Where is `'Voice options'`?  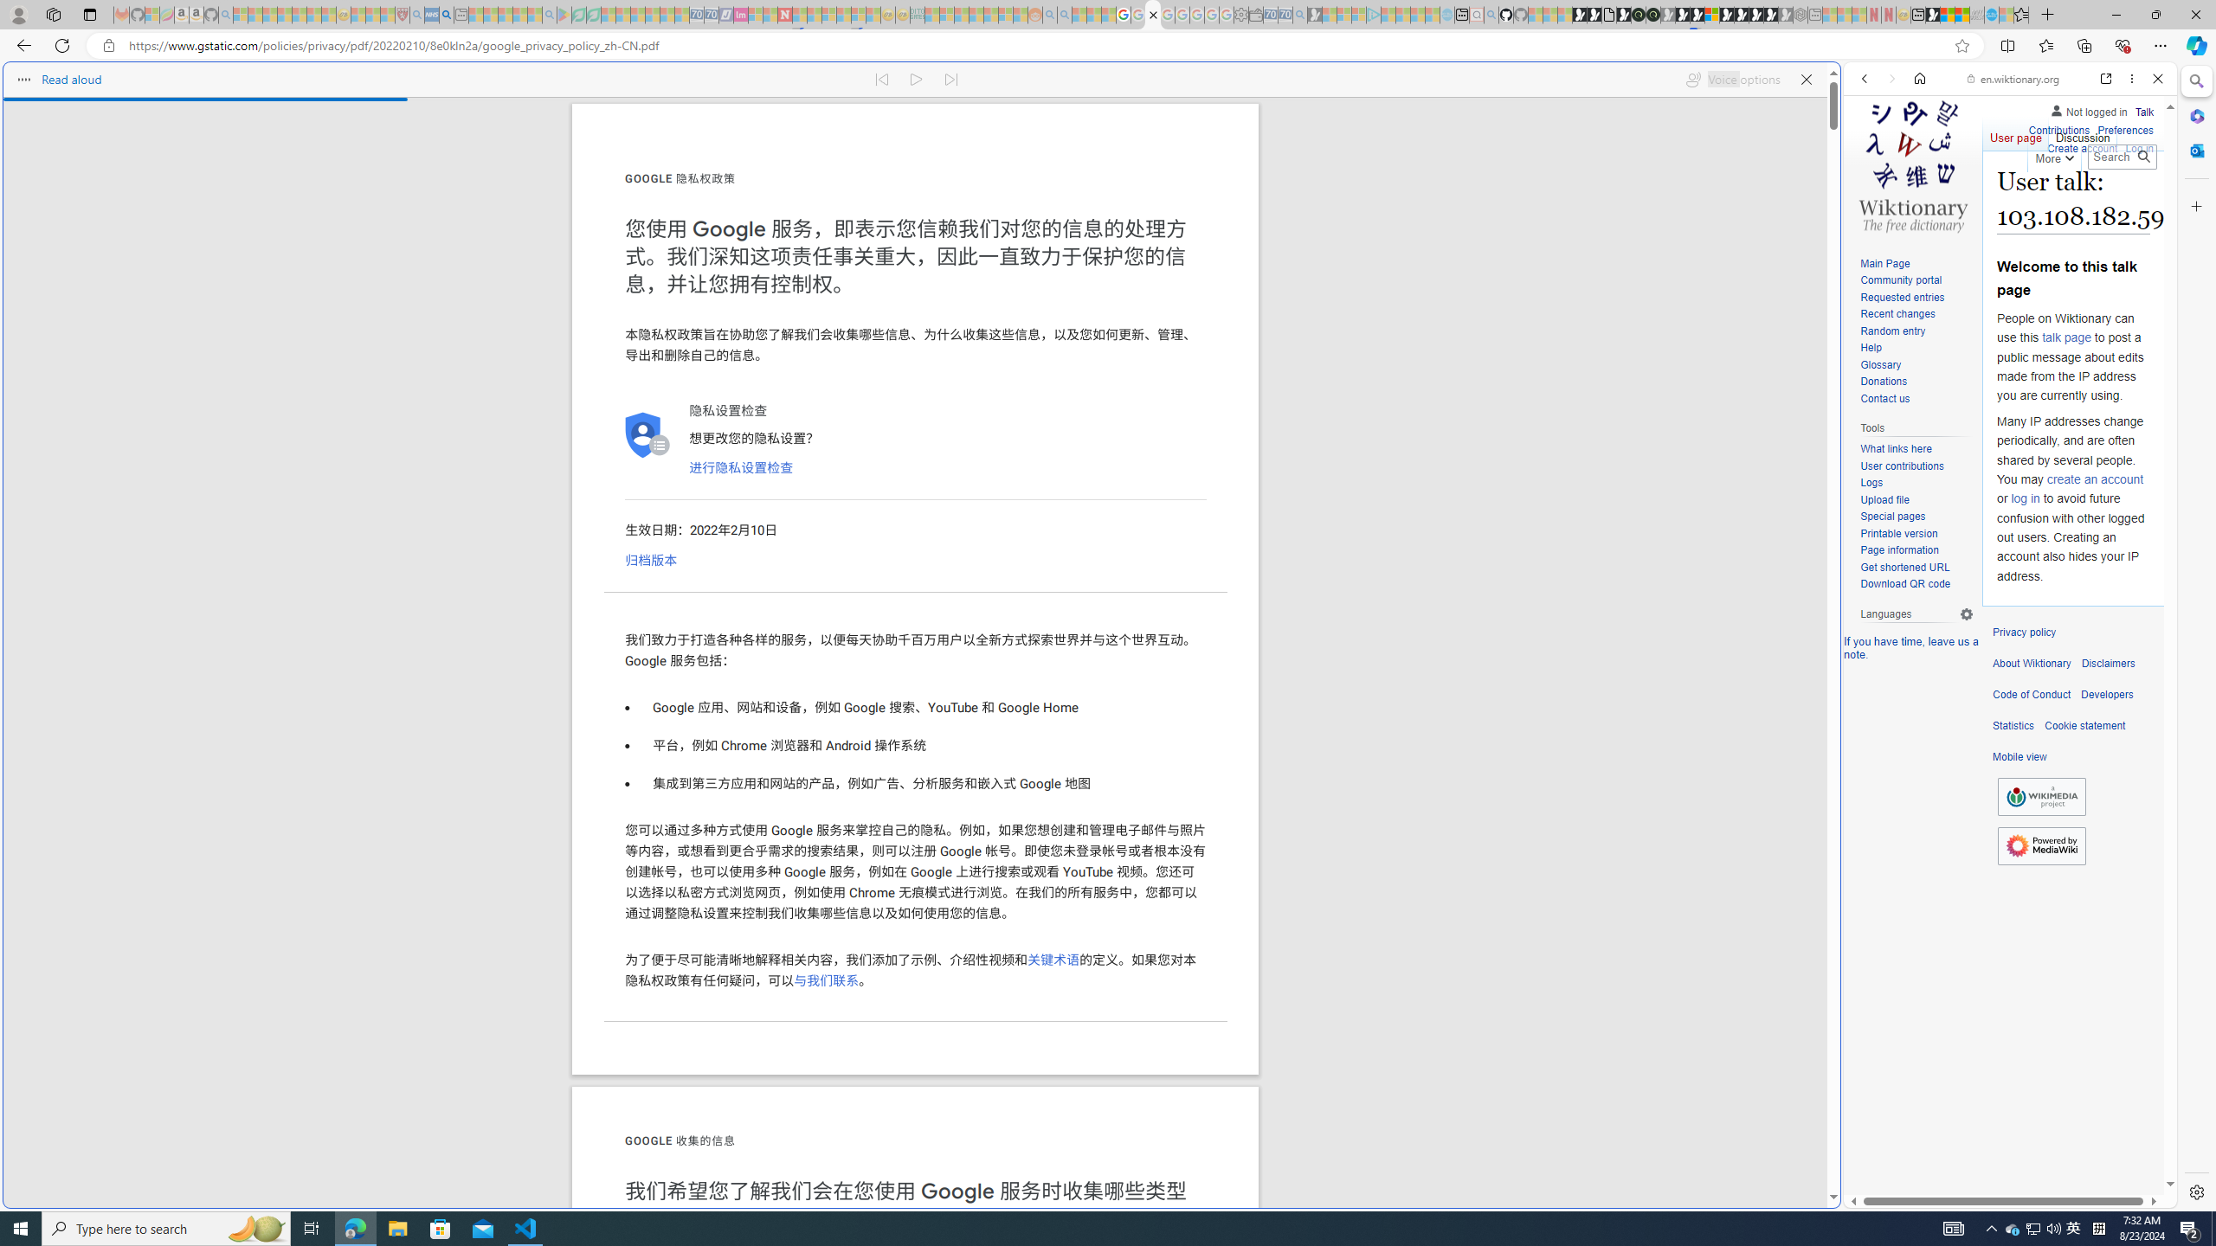
'Voice options' is located at coordinates (1732, 79).